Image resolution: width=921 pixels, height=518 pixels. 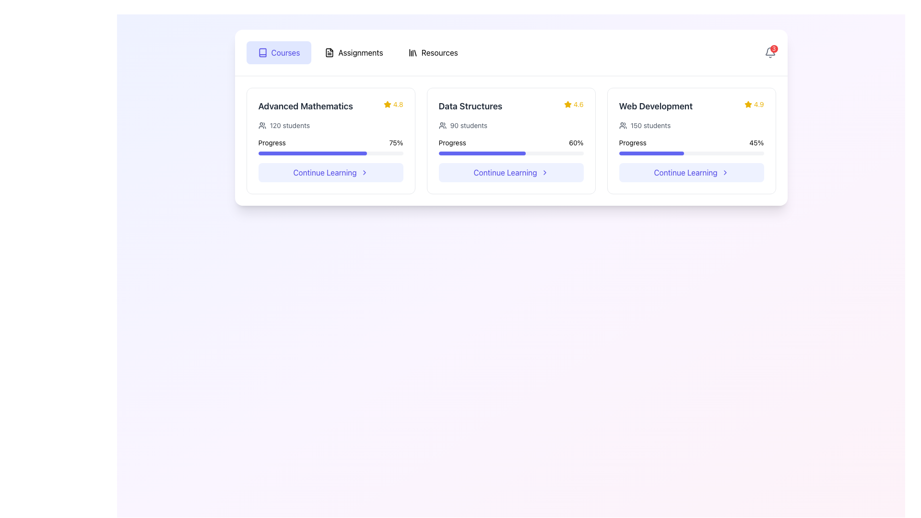 I want to click on percentage displayed in the text component showing '75%', which is located next to the term 'Progress' in the 'Advanced Mathematics' card, so click(x=396, y=142).